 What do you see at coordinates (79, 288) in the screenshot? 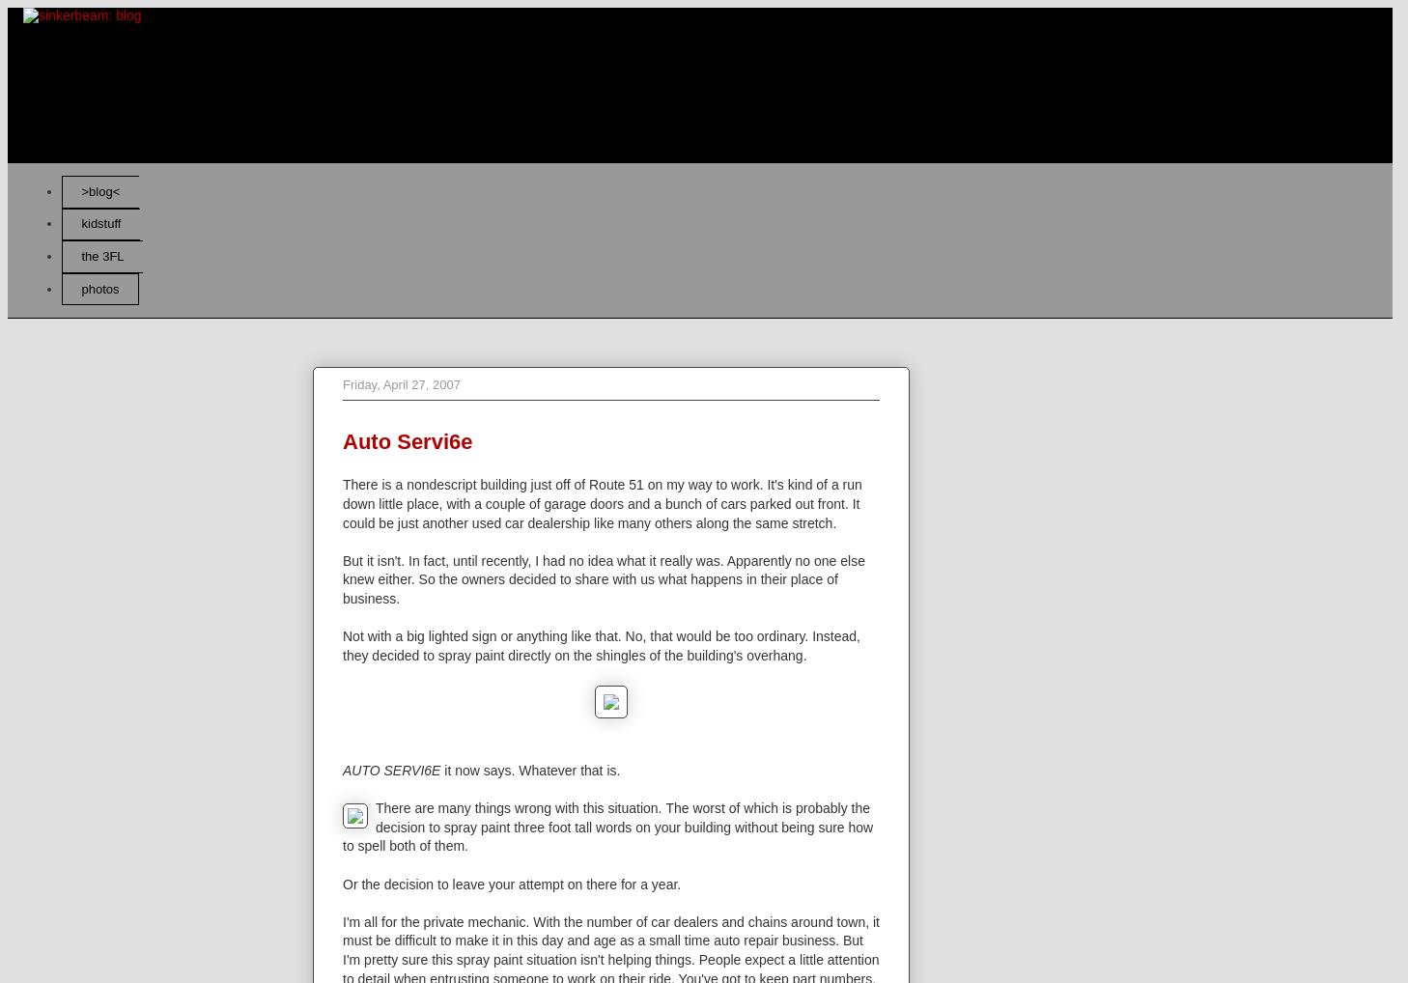
I see `'photos'` at bounding box center [79, 288].